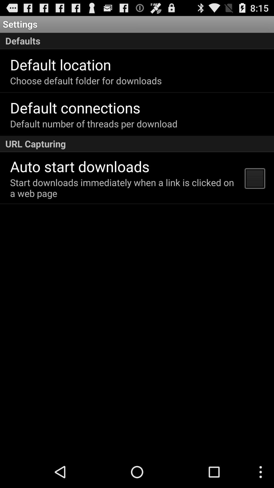  I want to click on the default connections icon, so click(75, 107).